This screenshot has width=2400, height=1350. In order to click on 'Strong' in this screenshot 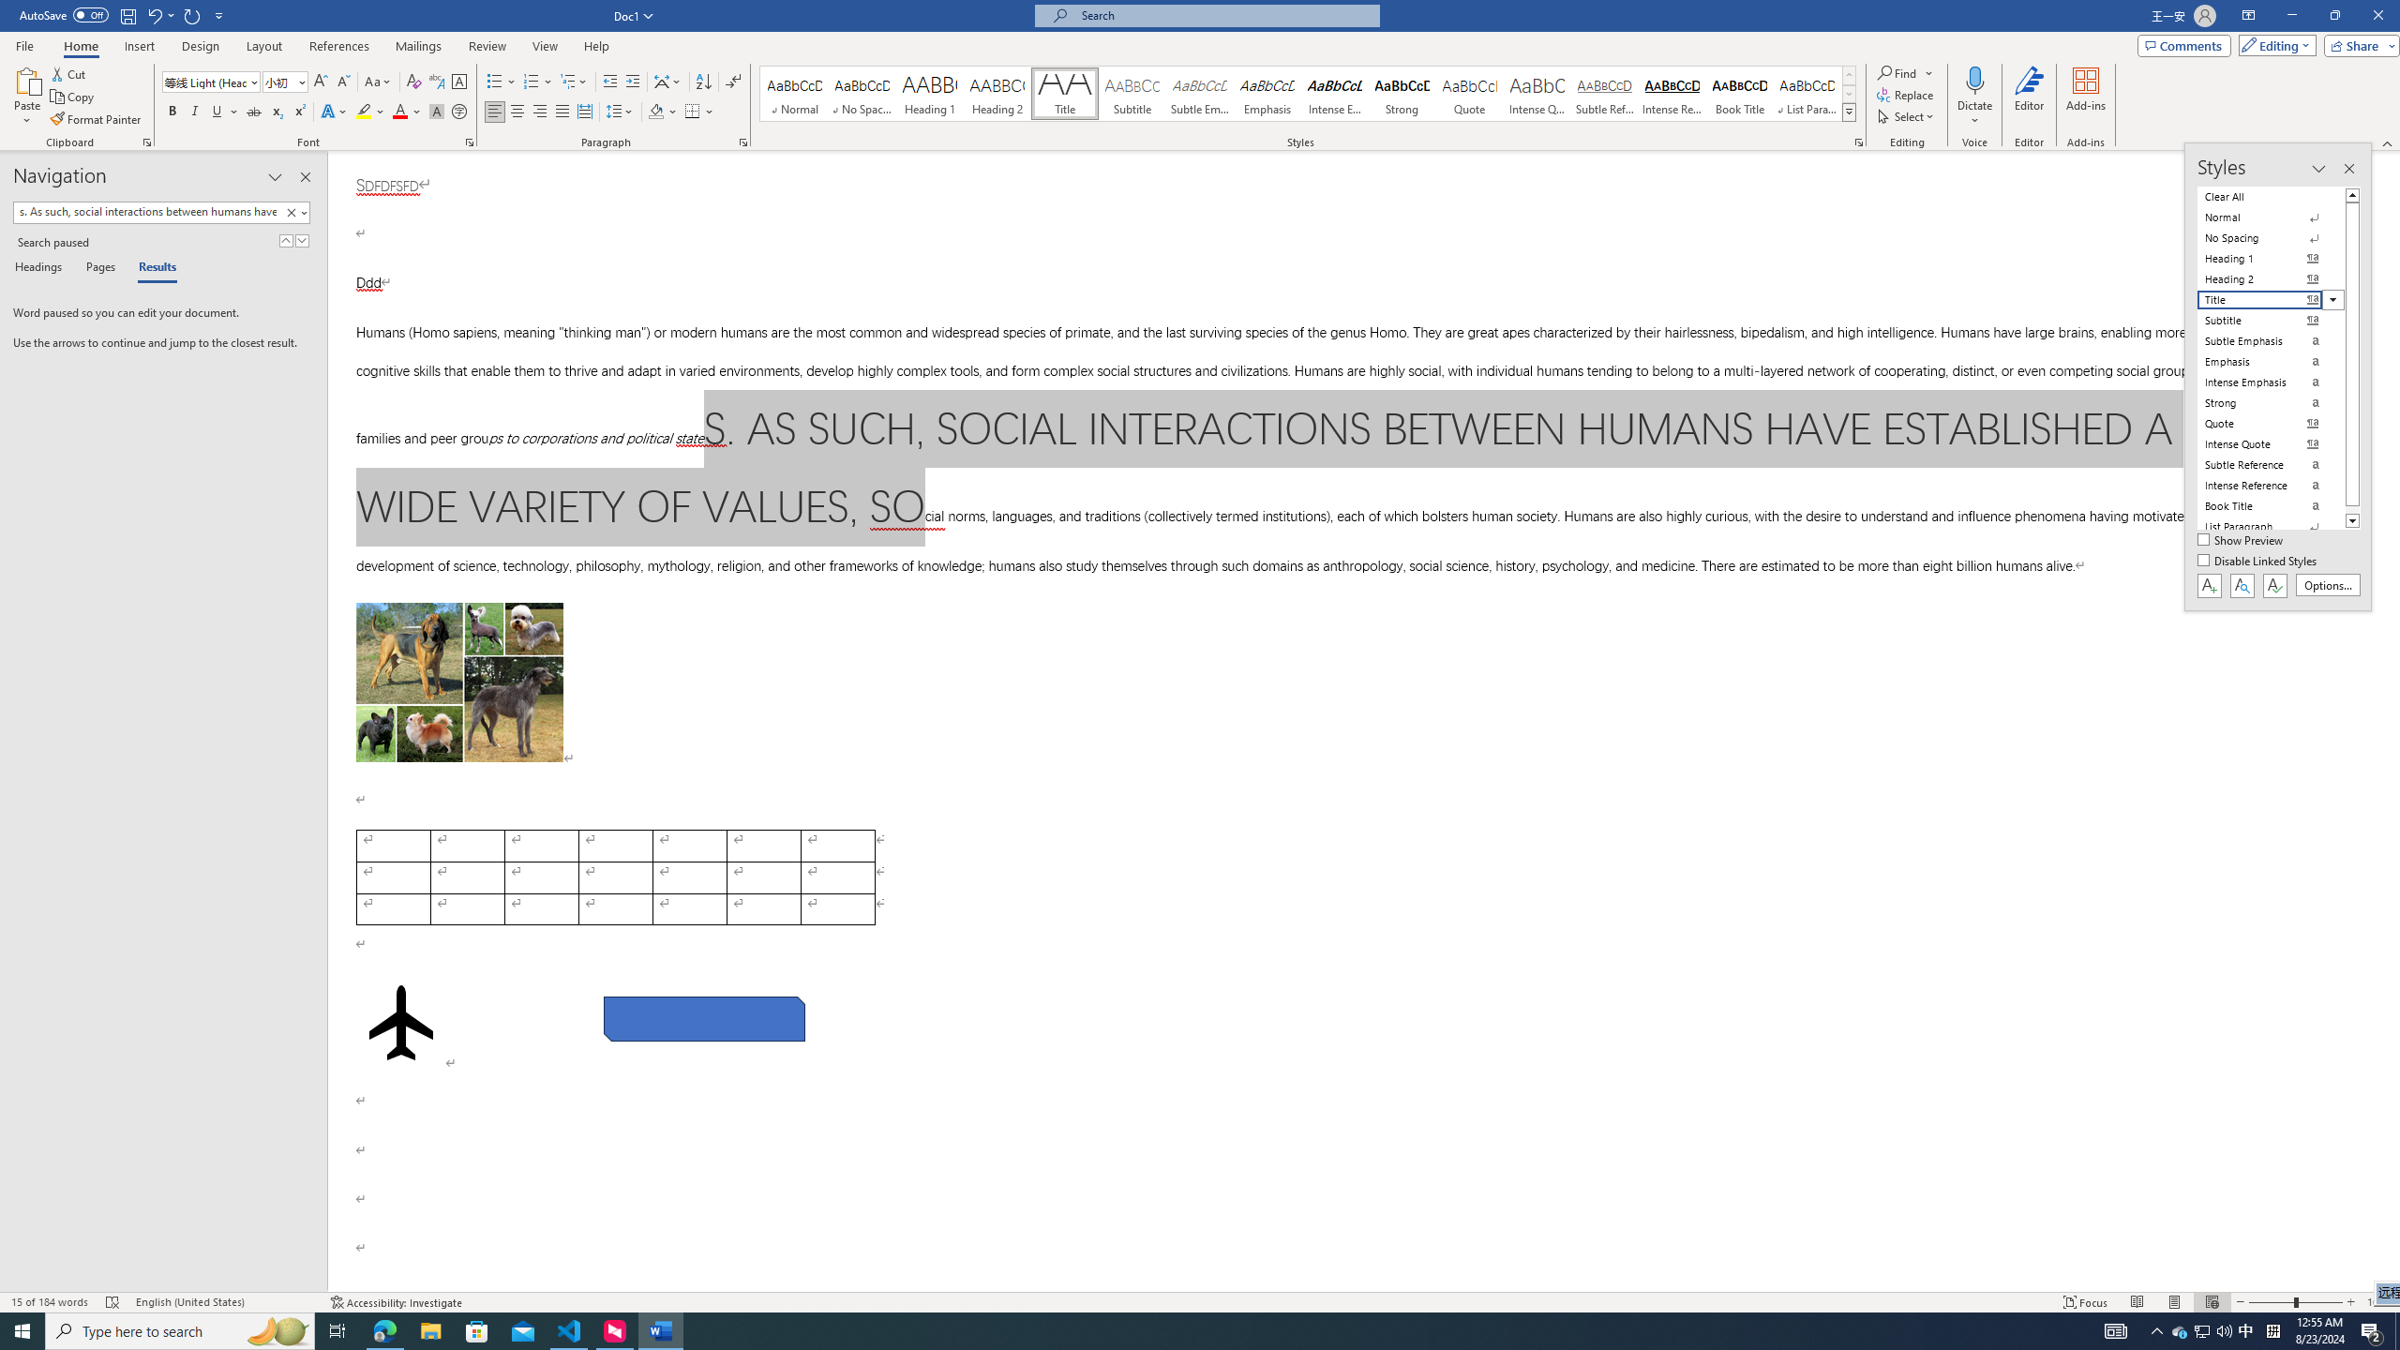, I will do `click(1402, 93)`.